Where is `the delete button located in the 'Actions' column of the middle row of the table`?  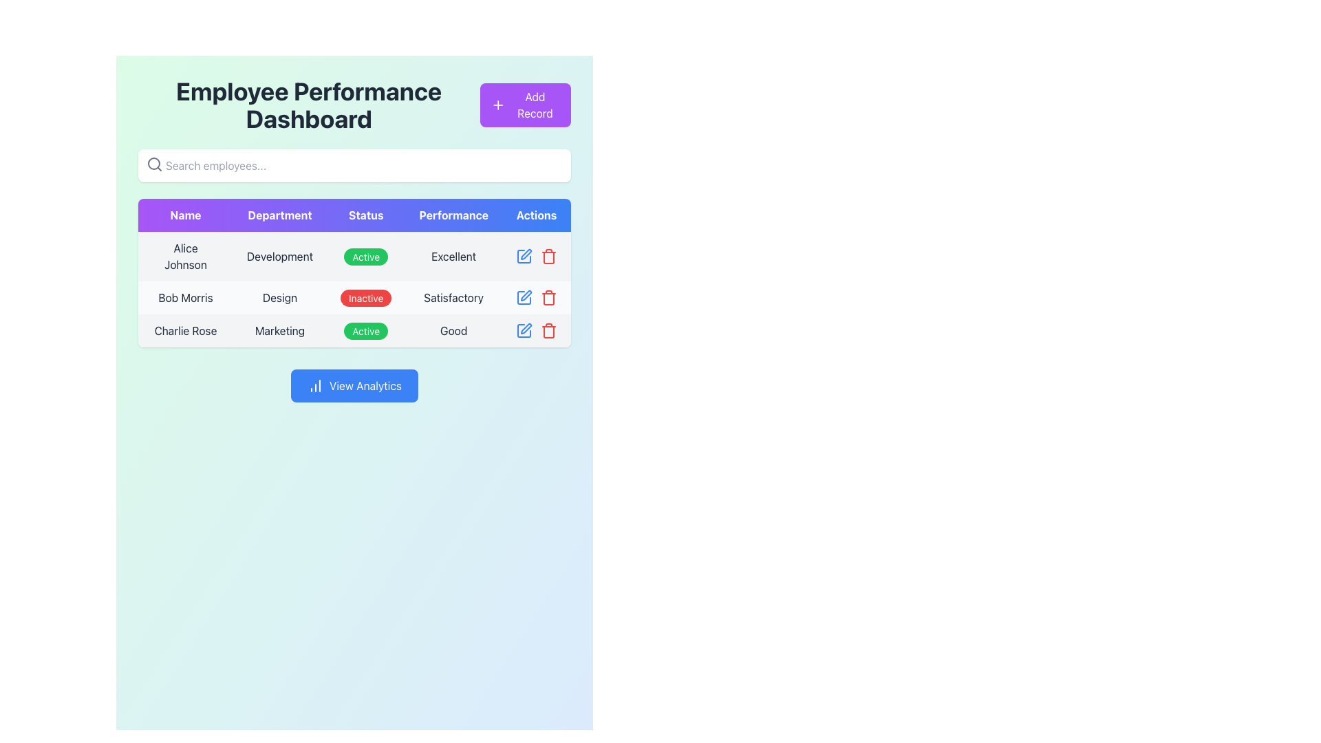 the delete button located in the 'Actions' column of the middle row of the table is located at coordinates (548, 257).